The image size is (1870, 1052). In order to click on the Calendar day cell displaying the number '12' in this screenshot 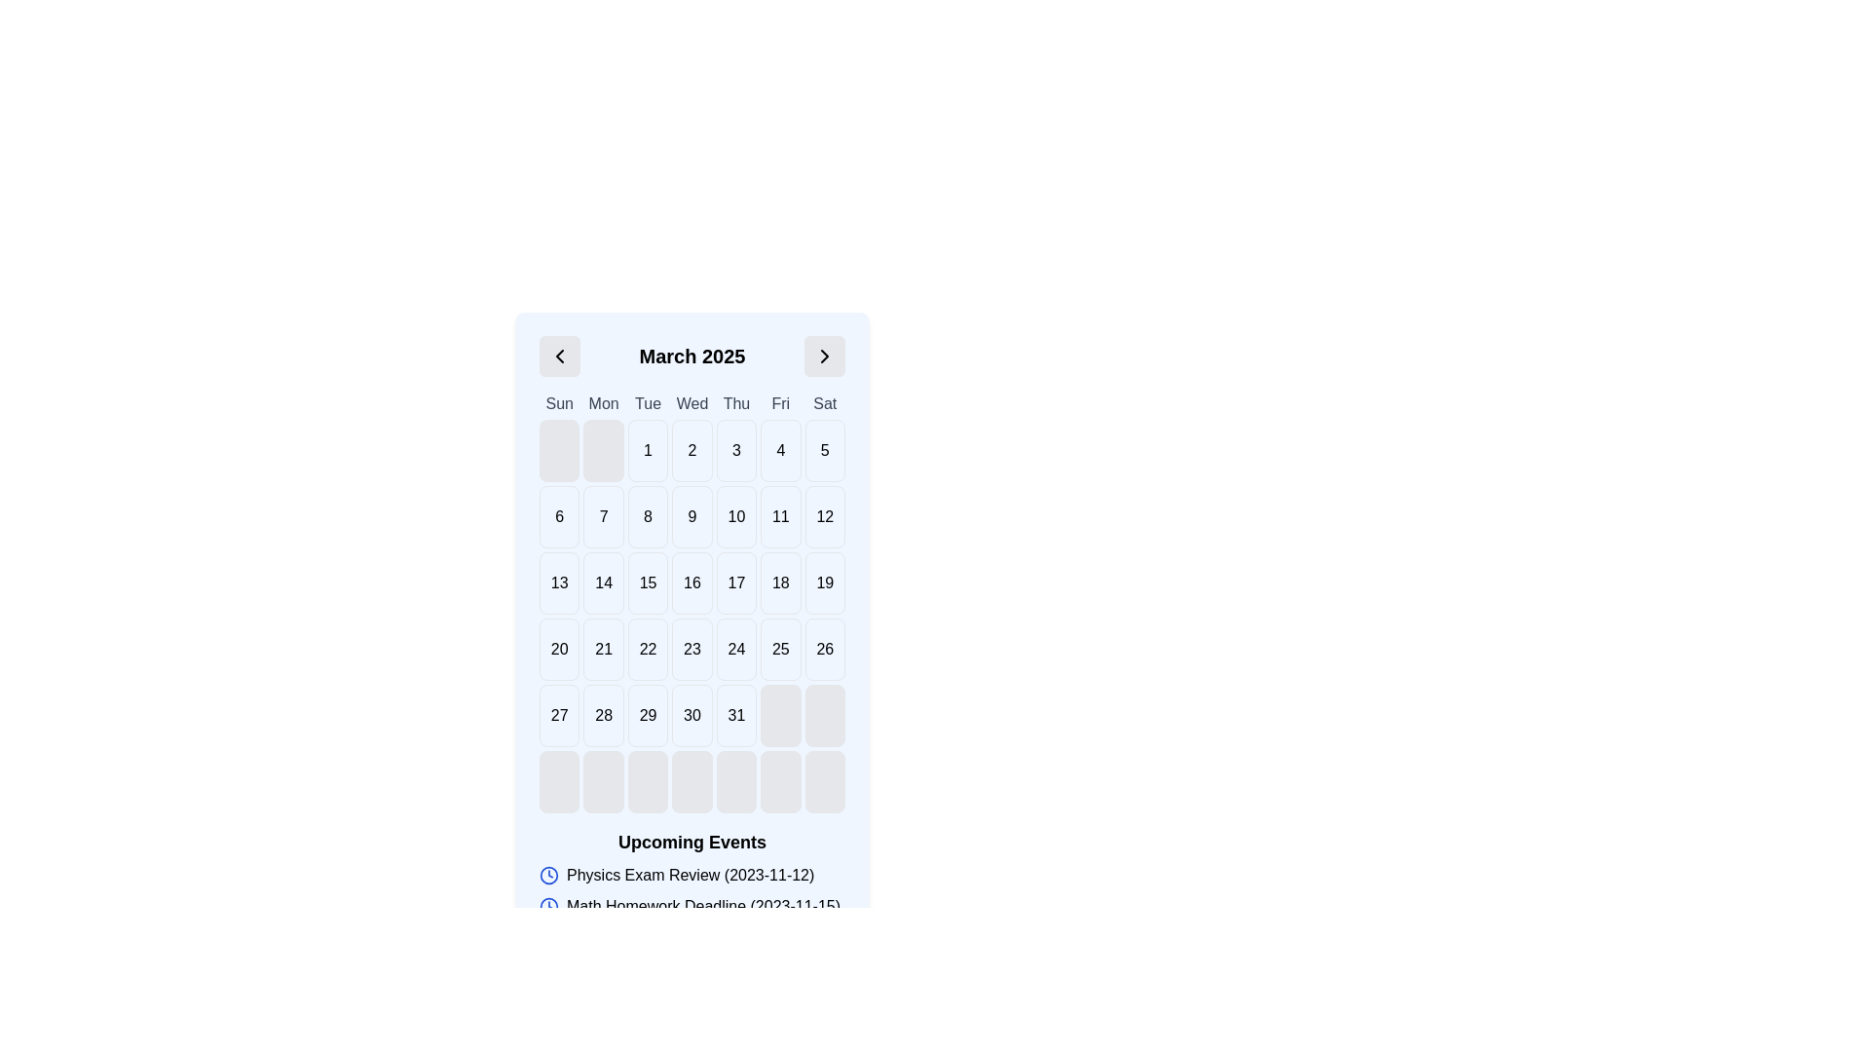, I will do `click(824, 516)`.